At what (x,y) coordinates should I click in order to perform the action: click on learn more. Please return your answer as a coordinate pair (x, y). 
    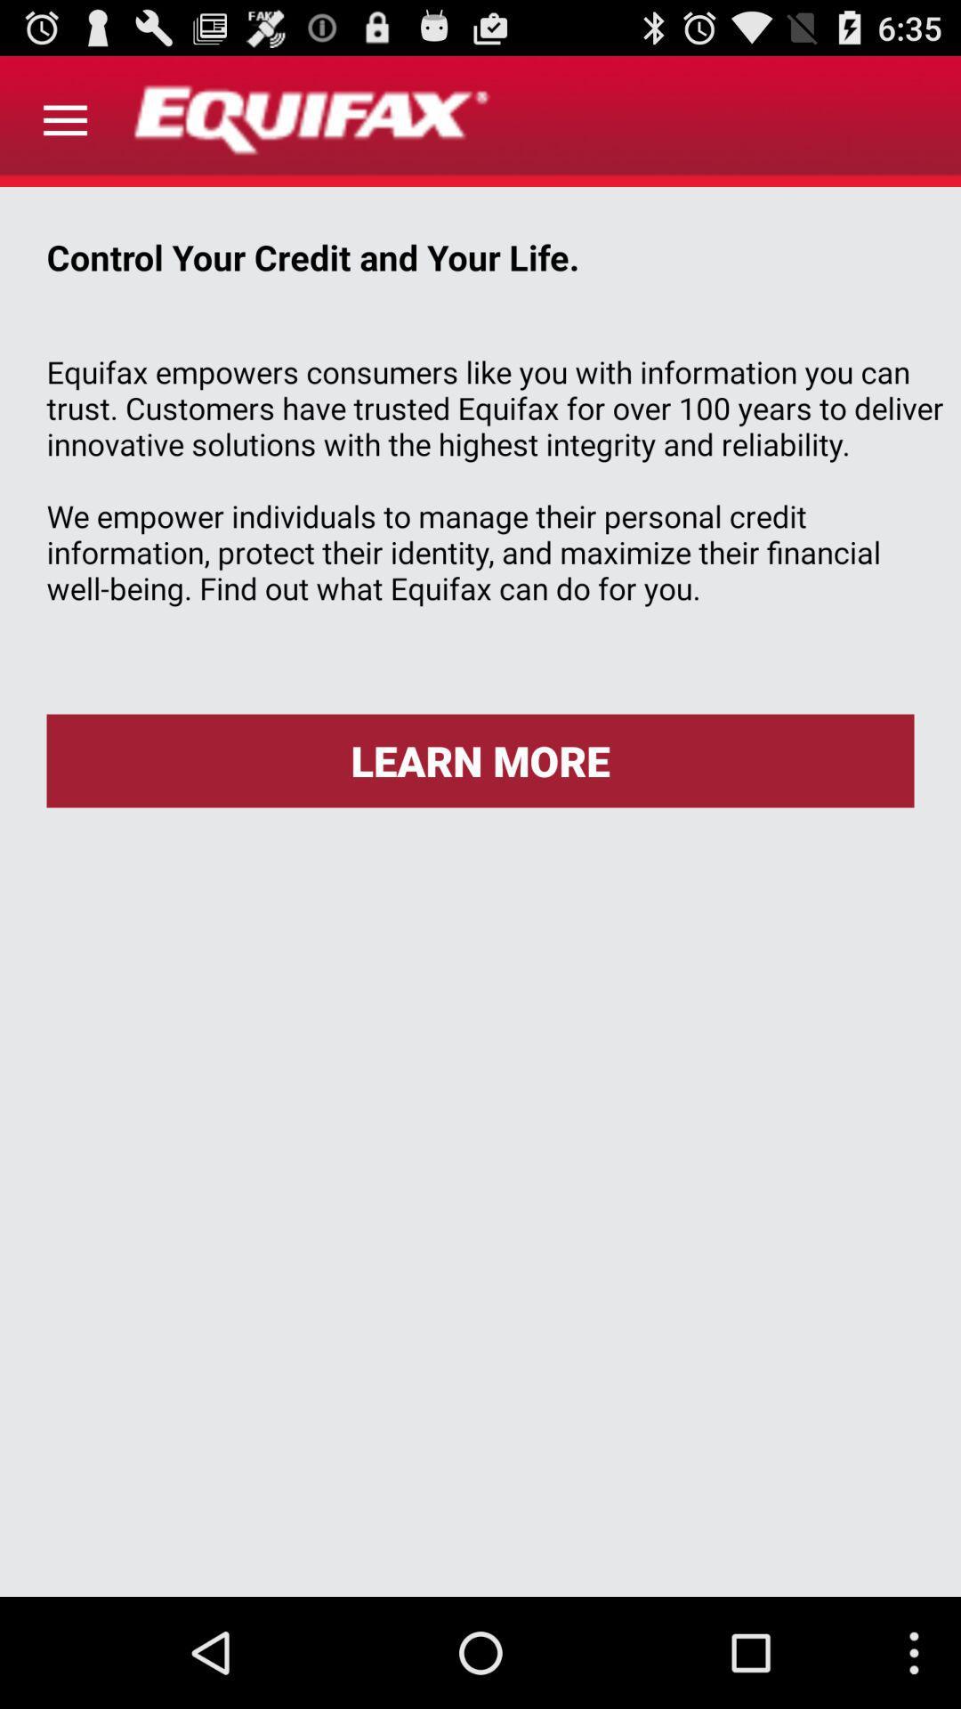
    Looking at the image, I should click on (480, 760).